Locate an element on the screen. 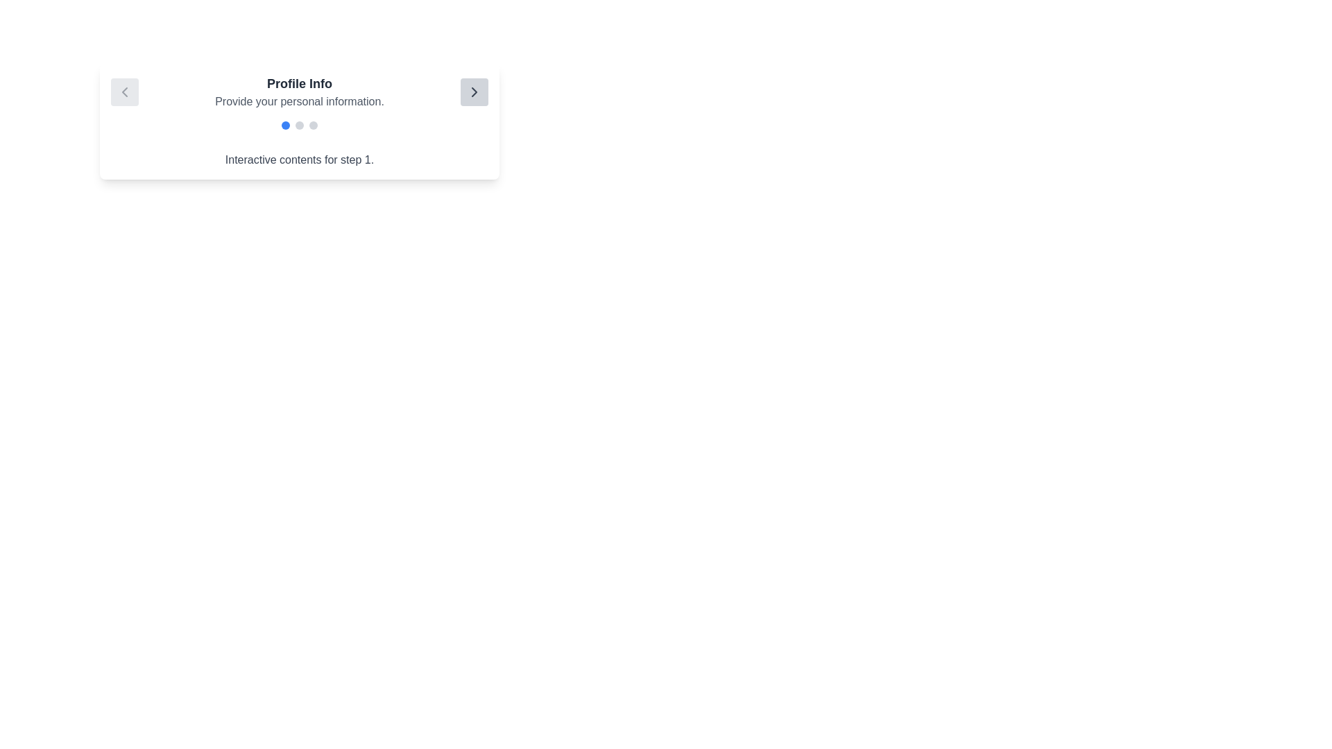  the text block displaying the title 'Profile Info' and description 'Provide your personal information.' is located at coordinates (299, 92).